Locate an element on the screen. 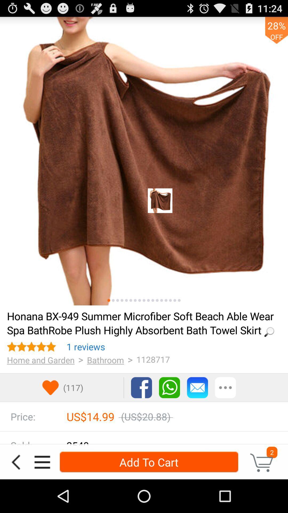 Image resolution: width=288 pixels, height=513 pixels. open image is located at coordinates (144, 161).